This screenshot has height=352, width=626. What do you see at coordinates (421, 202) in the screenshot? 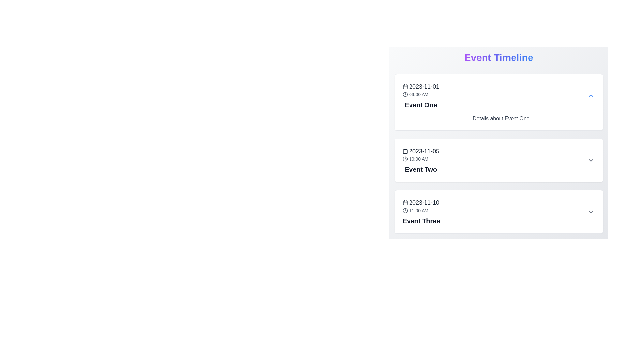
I see `displayed date from the Date display element which consists of a calendar icon and the date text '2023-11-10', positioned in the center-left of the third event card beneath the timeline header` at bounding box center [421, 202].